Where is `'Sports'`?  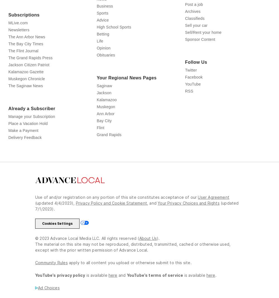 'Sports' is located at coordinates (96, 37).